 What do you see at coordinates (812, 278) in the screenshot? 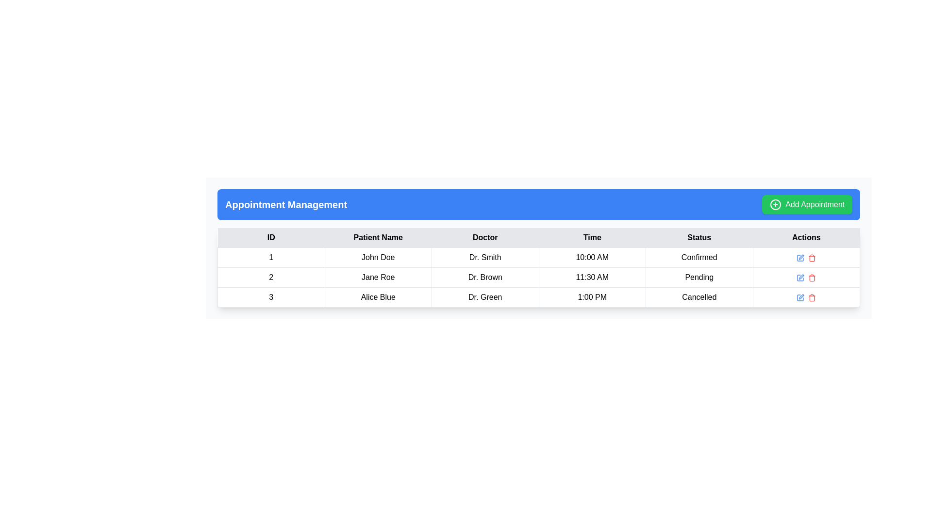
I see `the delete icon button located in the 'Actions' column of the second row in the table, corresponding to the entry for 'Jane Roe'` at bounding box center [812, 278].